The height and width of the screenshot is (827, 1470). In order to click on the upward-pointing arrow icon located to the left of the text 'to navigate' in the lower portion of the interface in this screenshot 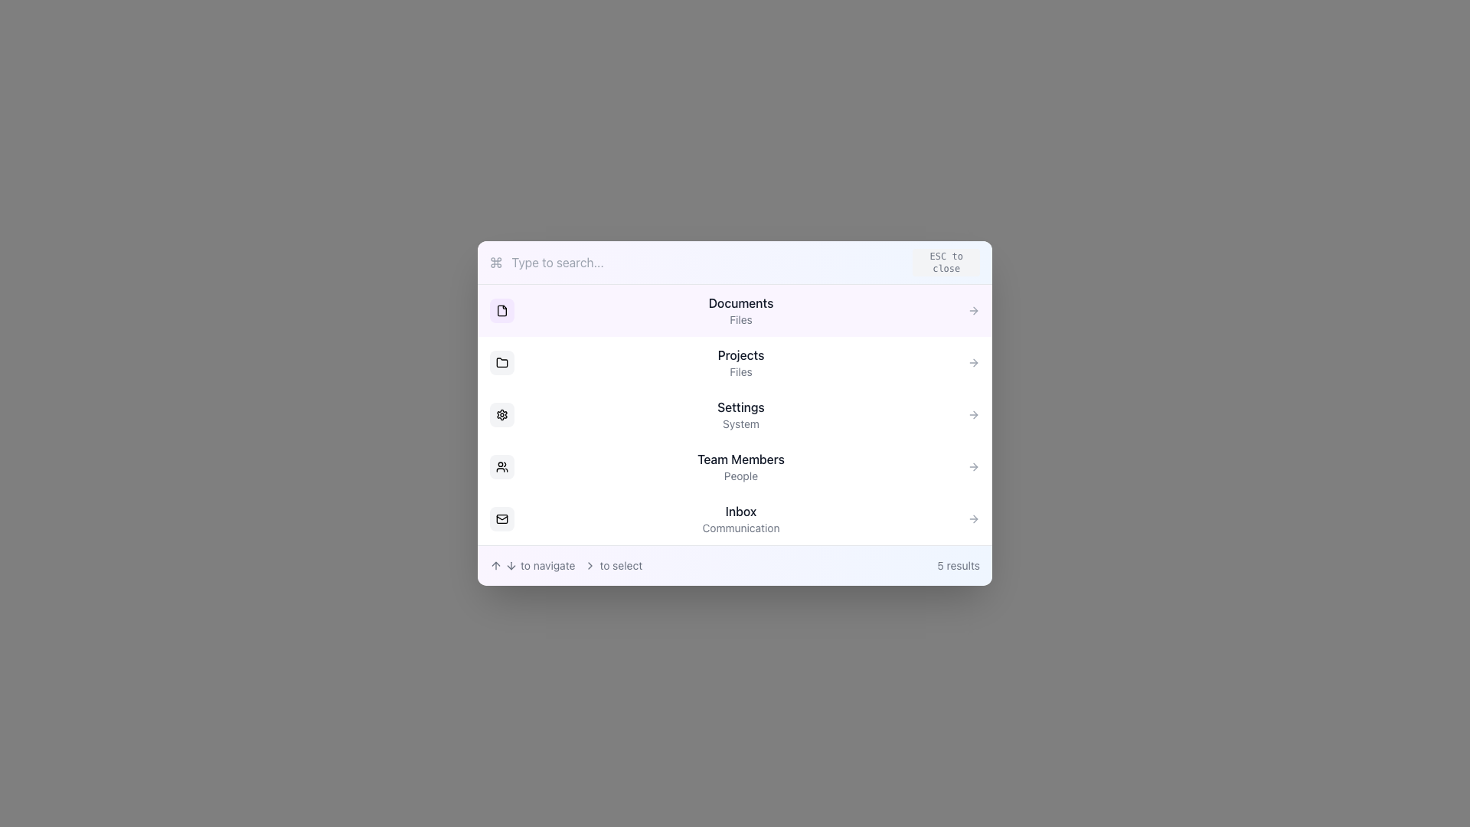, I will do `click(496, 566)`.